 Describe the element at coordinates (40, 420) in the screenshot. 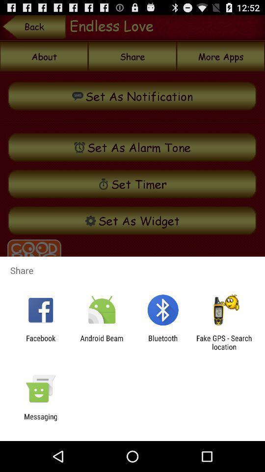

I see `messaging app` at that location.